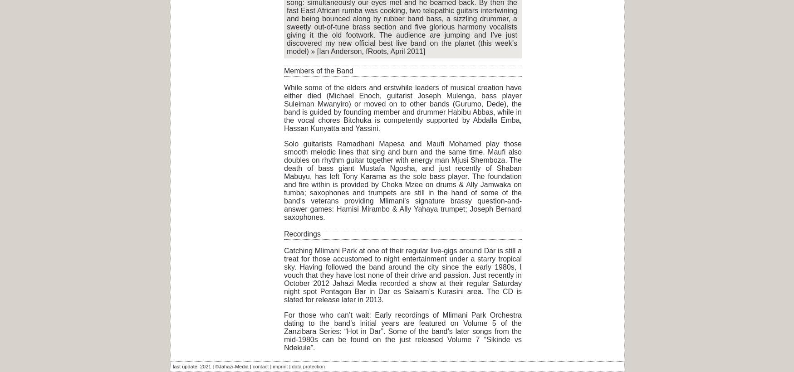 This screenshot has height=372, width=794. What do you see at coordinates (402, 331) in the screenshot?
I see `'For those who can’t wait: Early recordings of Mlimani Park Orchestra dating to the band’s initial years are featured on Volume 5 of the Zanzibara Series: “Hot in Dar”. Some of the band’s later songs from the mid-1980s can be found on the just released Volume 7 “Sikinde vs Ndekule”.'` at bounding box center [402, 331].